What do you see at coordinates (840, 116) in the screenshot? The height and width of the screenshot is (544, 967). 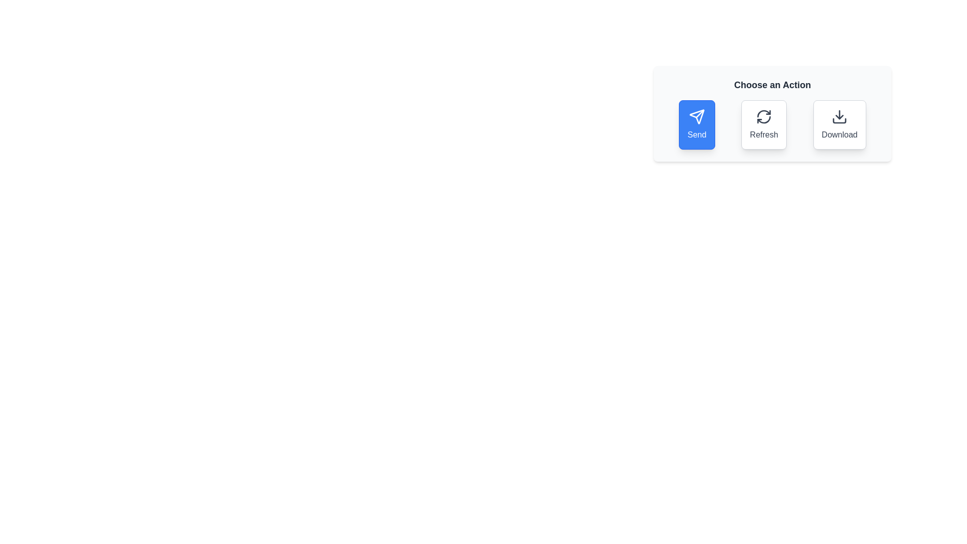 I see `the icon of the Download action chip` at bounding box center [840, 116].